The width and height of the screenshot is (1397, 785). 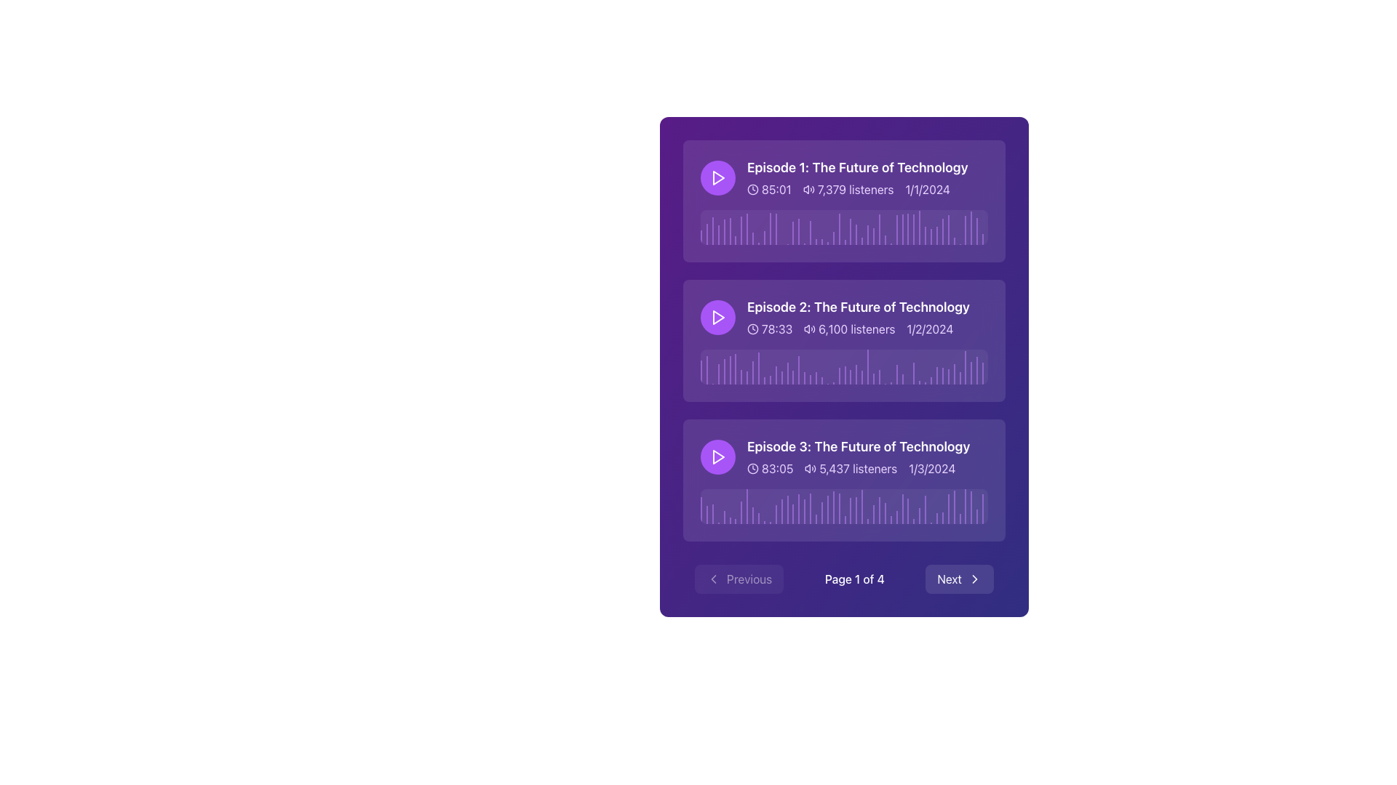 I want to click on the text display element that conveys information about a specific podcast episode, positioned below 'Episode 1: The Future of Technology' and above 'Episode 3: The Future of Technology', so click(x=859, y=316).